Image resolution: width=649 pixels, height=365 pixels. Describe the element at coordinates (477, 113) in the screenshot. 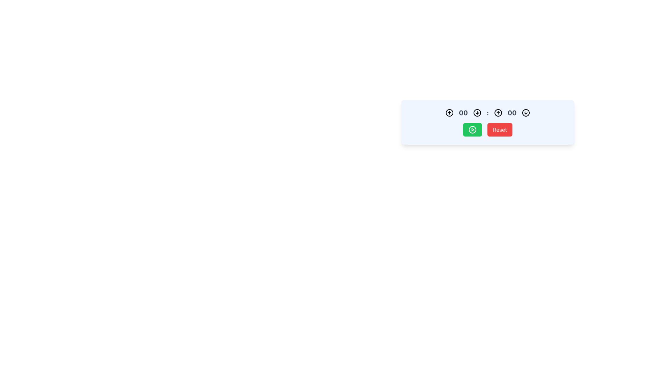

I see `the circular button with a downward-pointing arrow, which is the fifth icon in a horizontal row, positioned between a '00' text component and a colon ':' symbol` at that location.